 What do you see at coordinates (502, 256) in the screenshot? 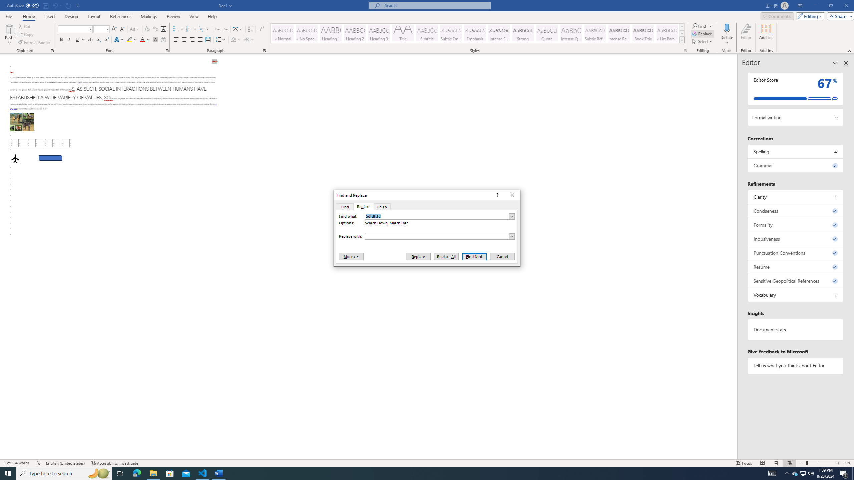
I see `'Cancel'` at bounding box center [502, 256].